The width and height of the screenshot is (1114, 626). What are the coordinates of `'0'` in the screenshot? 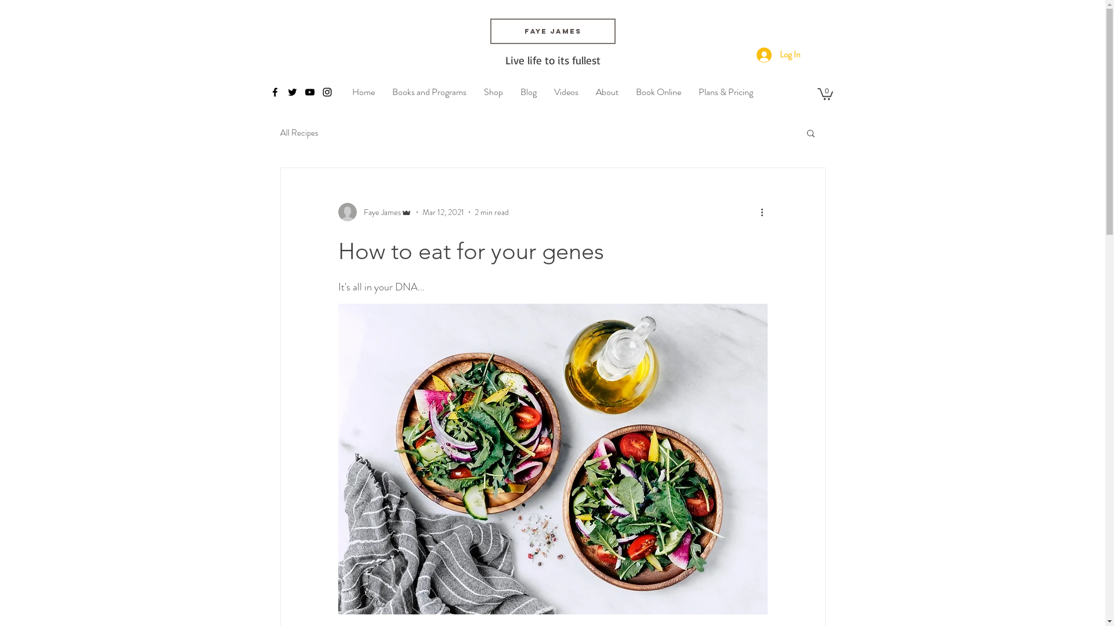 It's located at (824, 93).